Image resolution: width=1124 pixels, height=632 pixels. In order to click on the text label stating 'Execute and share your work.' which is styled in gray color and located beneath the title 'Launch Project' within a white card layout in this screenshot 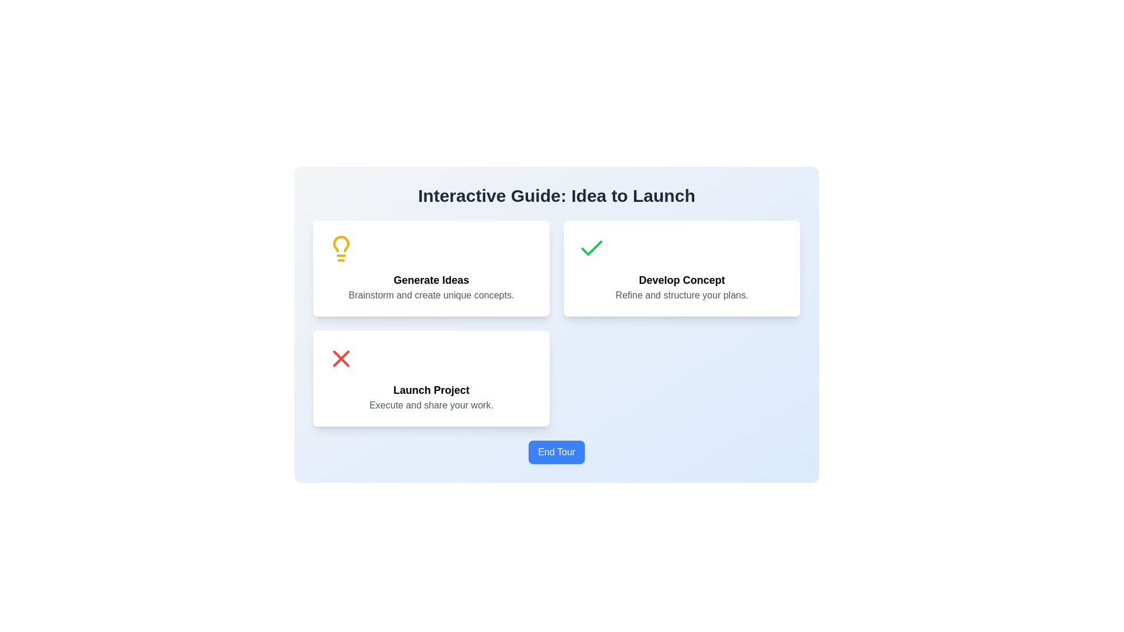, I will do `click(431, 405)`.